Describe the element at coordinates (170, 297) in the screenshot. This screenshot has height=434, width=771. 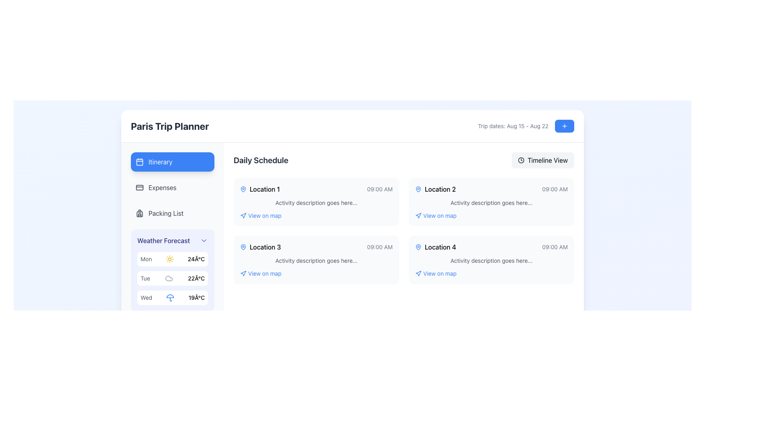
I see `the static SVG icon representing rainy weather, located in the 'Weather Forecast' box on the left panel, specifically the second element in the row for 'Wed.'` at that location.